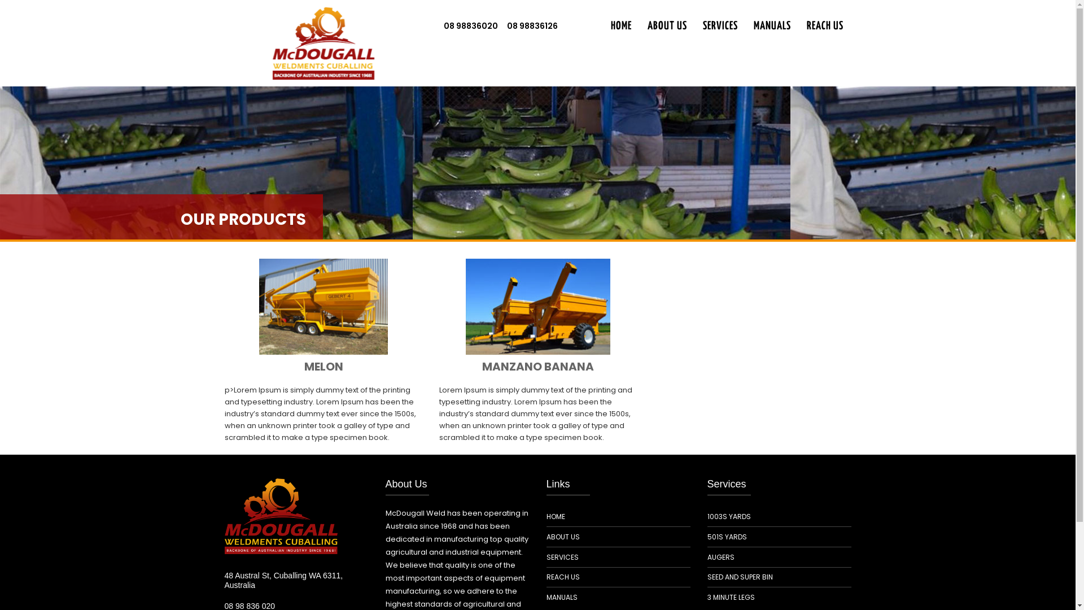  Describe the element at coordinates (563, 577) in the screenshot. I see `'REACH US'` at that location.